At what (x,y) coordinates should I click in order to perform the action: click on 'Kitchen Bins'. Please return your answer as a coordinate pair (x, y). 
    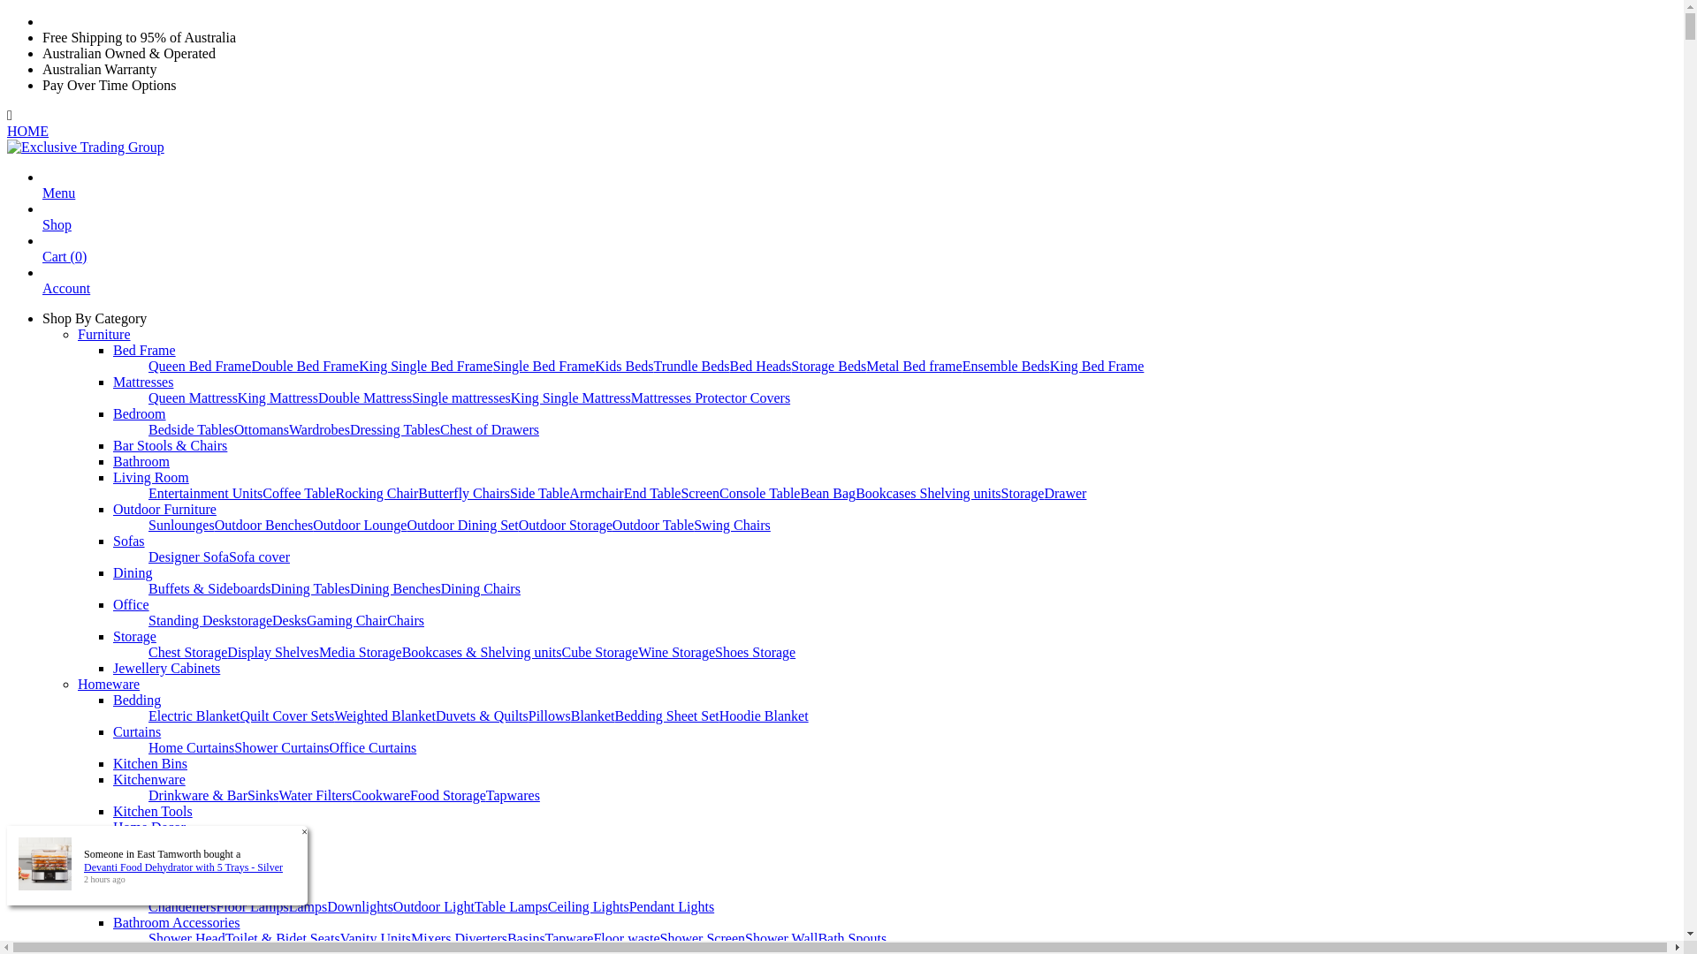
    Looking at the image, I should click on (149, 762).